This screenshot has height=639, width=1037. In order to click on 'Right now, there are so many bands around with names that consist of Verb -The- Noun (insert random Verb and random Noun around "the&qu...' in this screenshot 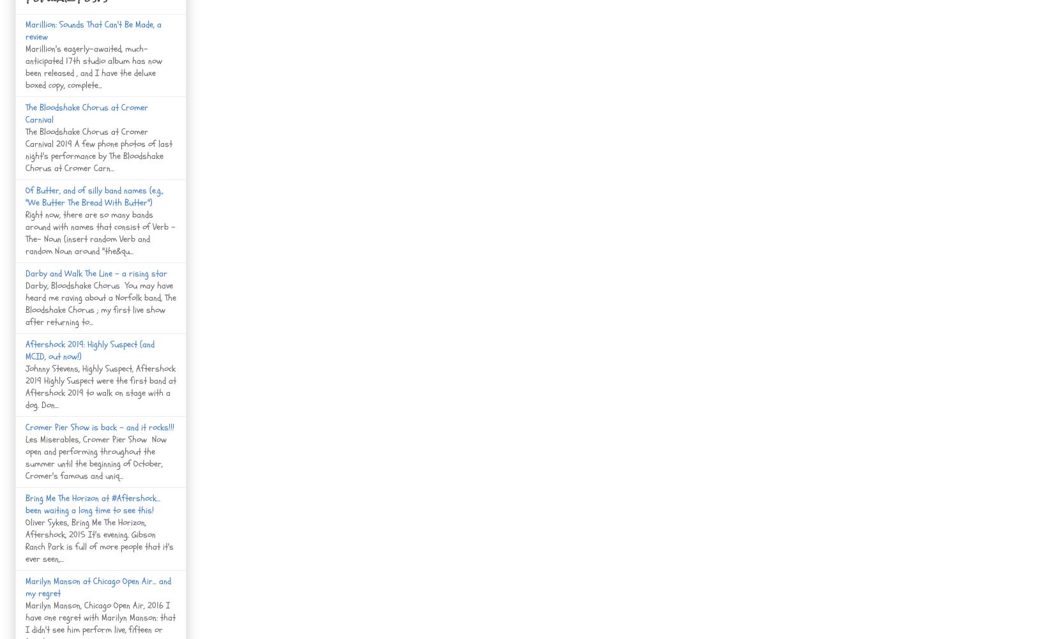, I will do `click(100, 231)`.